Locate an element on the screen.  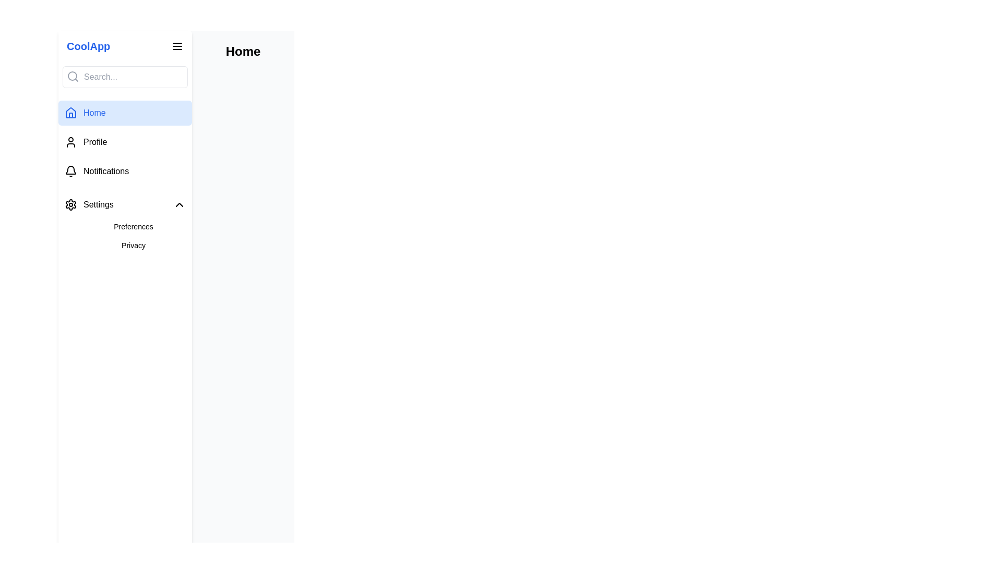
the Navigation link that directs users to the notifications page, positioned as the third item in the vertical list of navigation items in the sidebar, just above the 'Settings' section is located at coordinates (125, 170).